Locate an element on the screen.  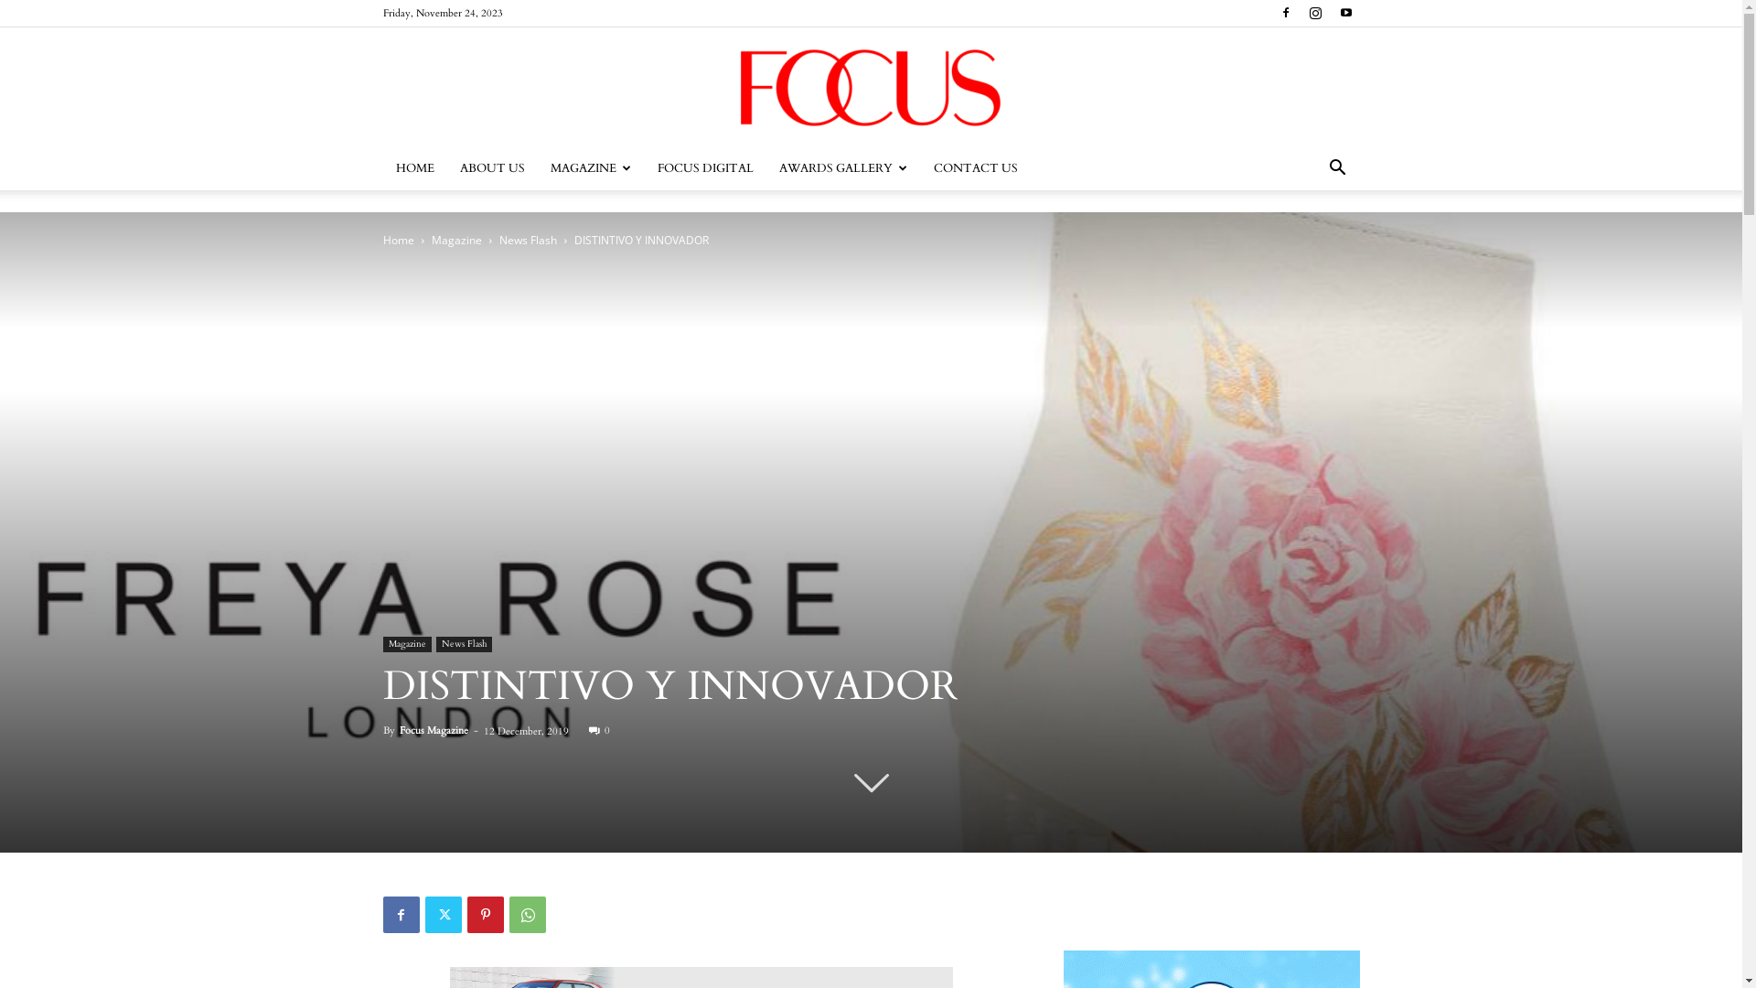
'Search' is located at coordinates (1308, 240).